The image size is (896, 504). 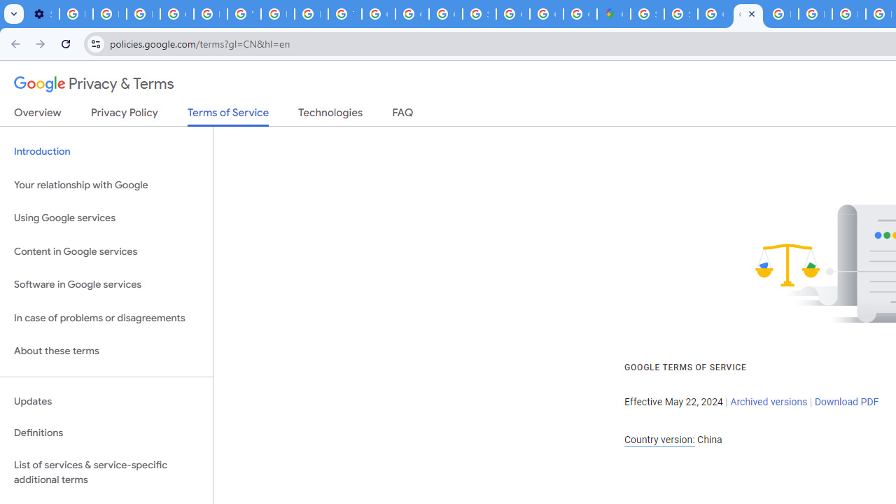 I want to click on 'Settings - Customize profile', so click(x=42, y=14).